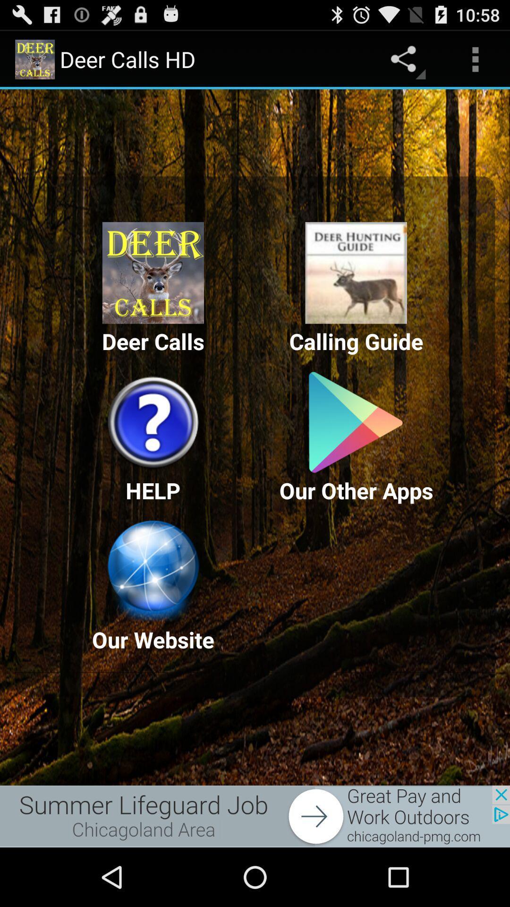  What do you see at coordinates (255, 816) in the screenshot?
I see `advertisement source` at bounding box center [255, 816].